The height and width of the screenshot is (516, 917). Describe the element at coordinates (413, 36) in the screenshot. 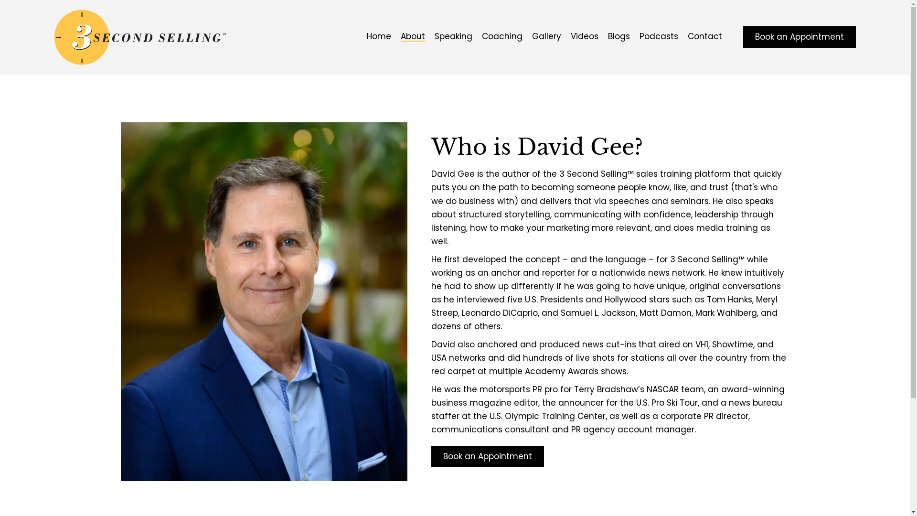

I see `'About'` at that location.